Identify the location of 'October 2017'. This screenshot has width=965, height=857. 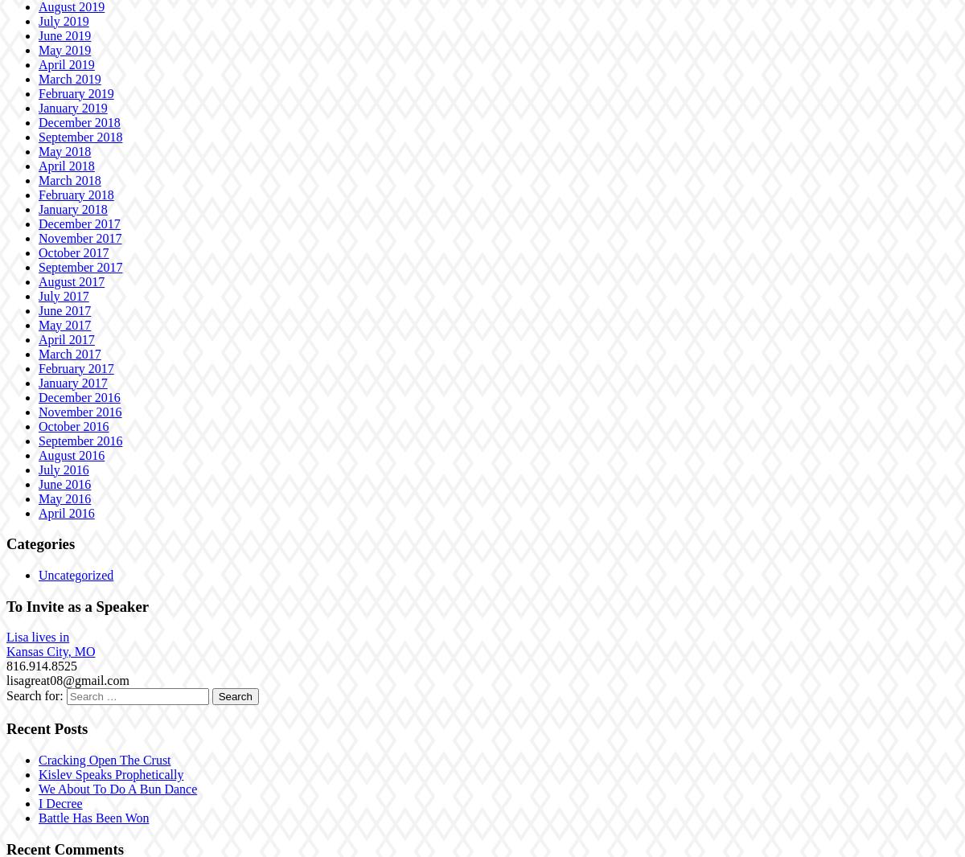
(39, 252).